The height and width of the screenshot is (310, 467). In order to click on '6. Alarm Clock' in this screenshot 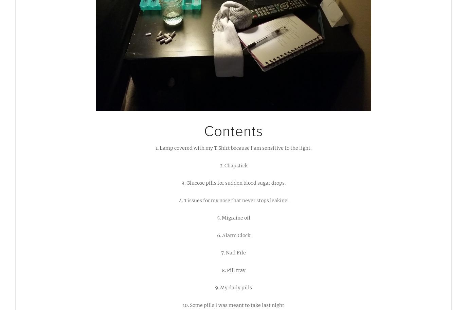, I will do `click(233, 235)`.